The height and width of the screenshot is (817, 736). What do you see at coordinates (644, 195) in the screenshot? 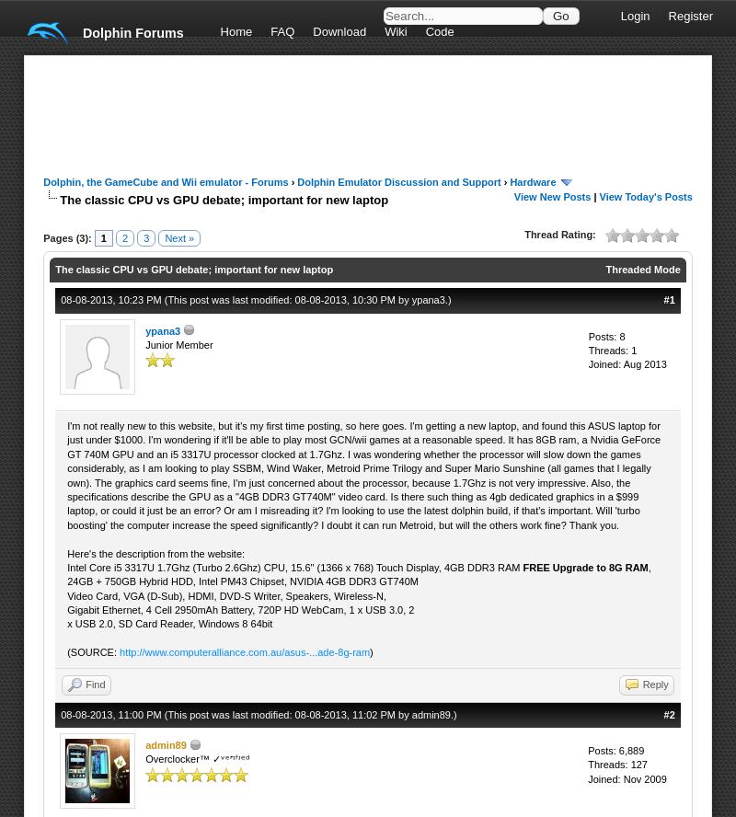
I see `'View Today's Posts'` at bounding box center [644, 195].